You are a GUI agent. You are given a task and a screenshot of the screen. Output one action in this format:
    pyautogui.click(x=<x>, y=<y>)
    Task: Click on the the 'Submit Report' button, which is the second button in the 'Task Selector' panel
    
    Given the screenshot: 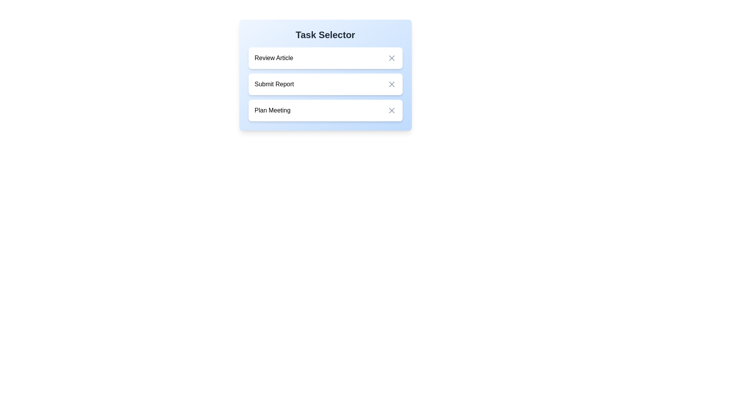 What is the action you would take?
    pyautogui.click(x=325, y=84)
    